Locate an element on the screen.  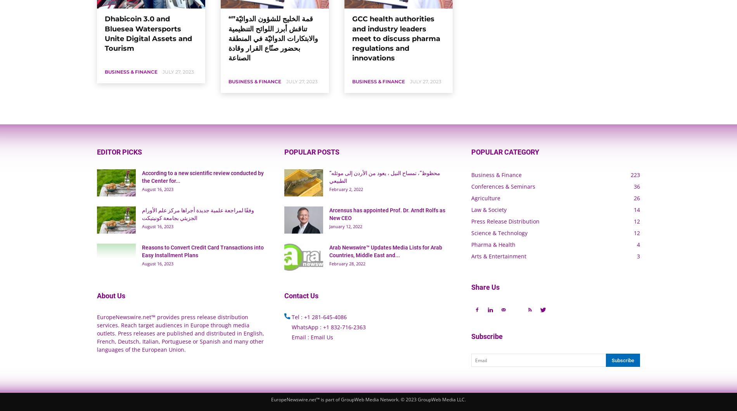
'14' is located at coordinates (633, 209).